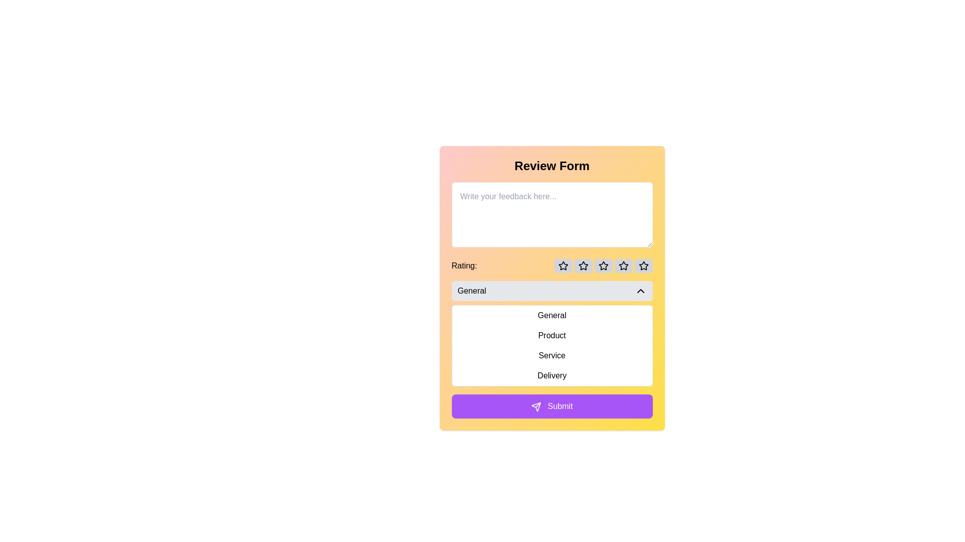 The height and width of the screenshot is (542, 965). Describe the element at coordinates (536, 406) in the screenshot. I see `the send icon located inside the purple 'Submit' button at the bottom of the form, positioned to the left of the 'Submit' text` at that location.